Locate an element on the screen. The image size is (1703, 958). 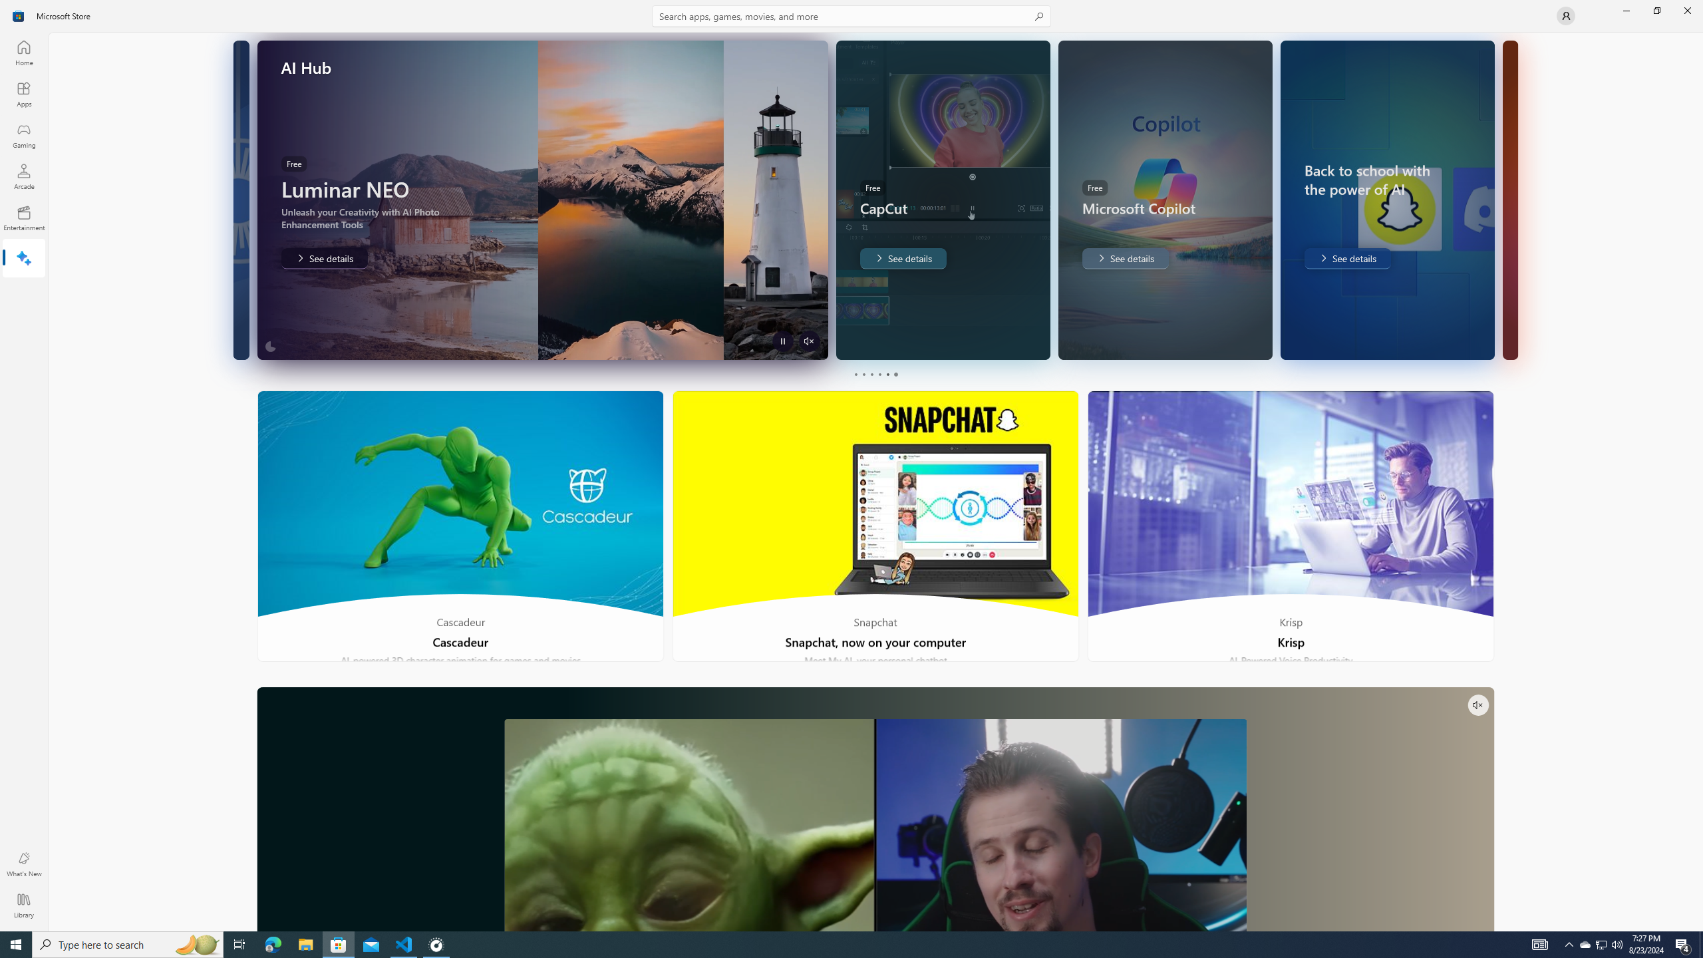
'Pager' is located at coordinates (874, 374).